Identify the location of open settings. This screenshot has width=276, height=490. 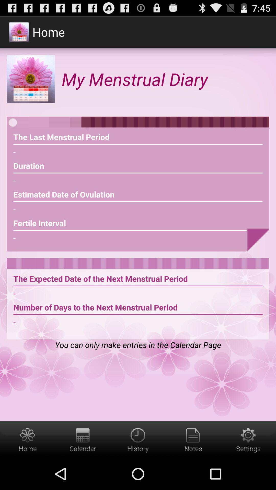
(248, 439).